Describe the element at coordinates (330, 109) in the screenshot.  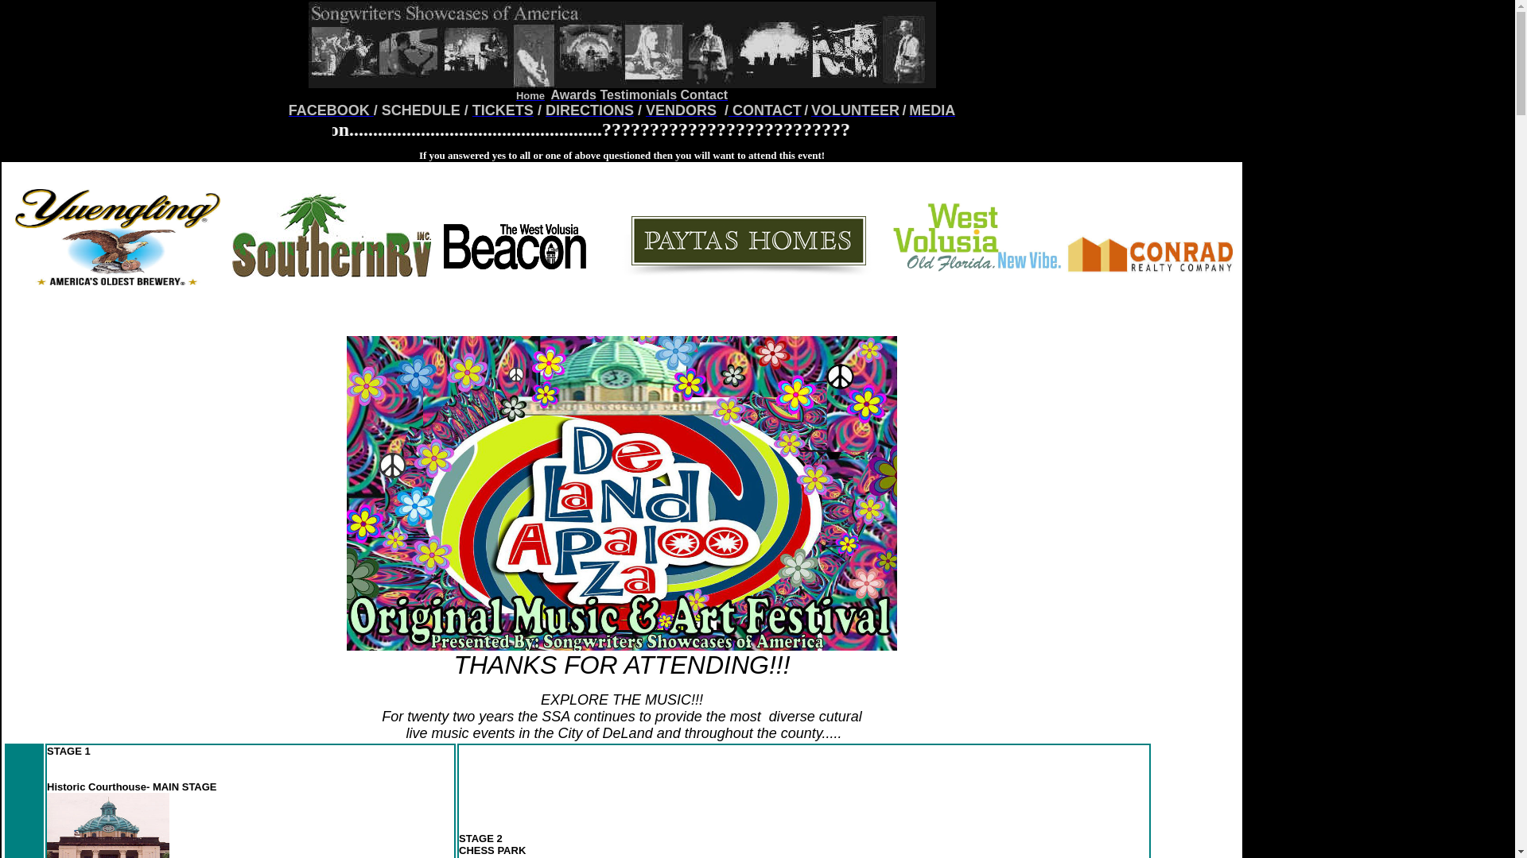
I see `'FACEBOOK'` at that location.